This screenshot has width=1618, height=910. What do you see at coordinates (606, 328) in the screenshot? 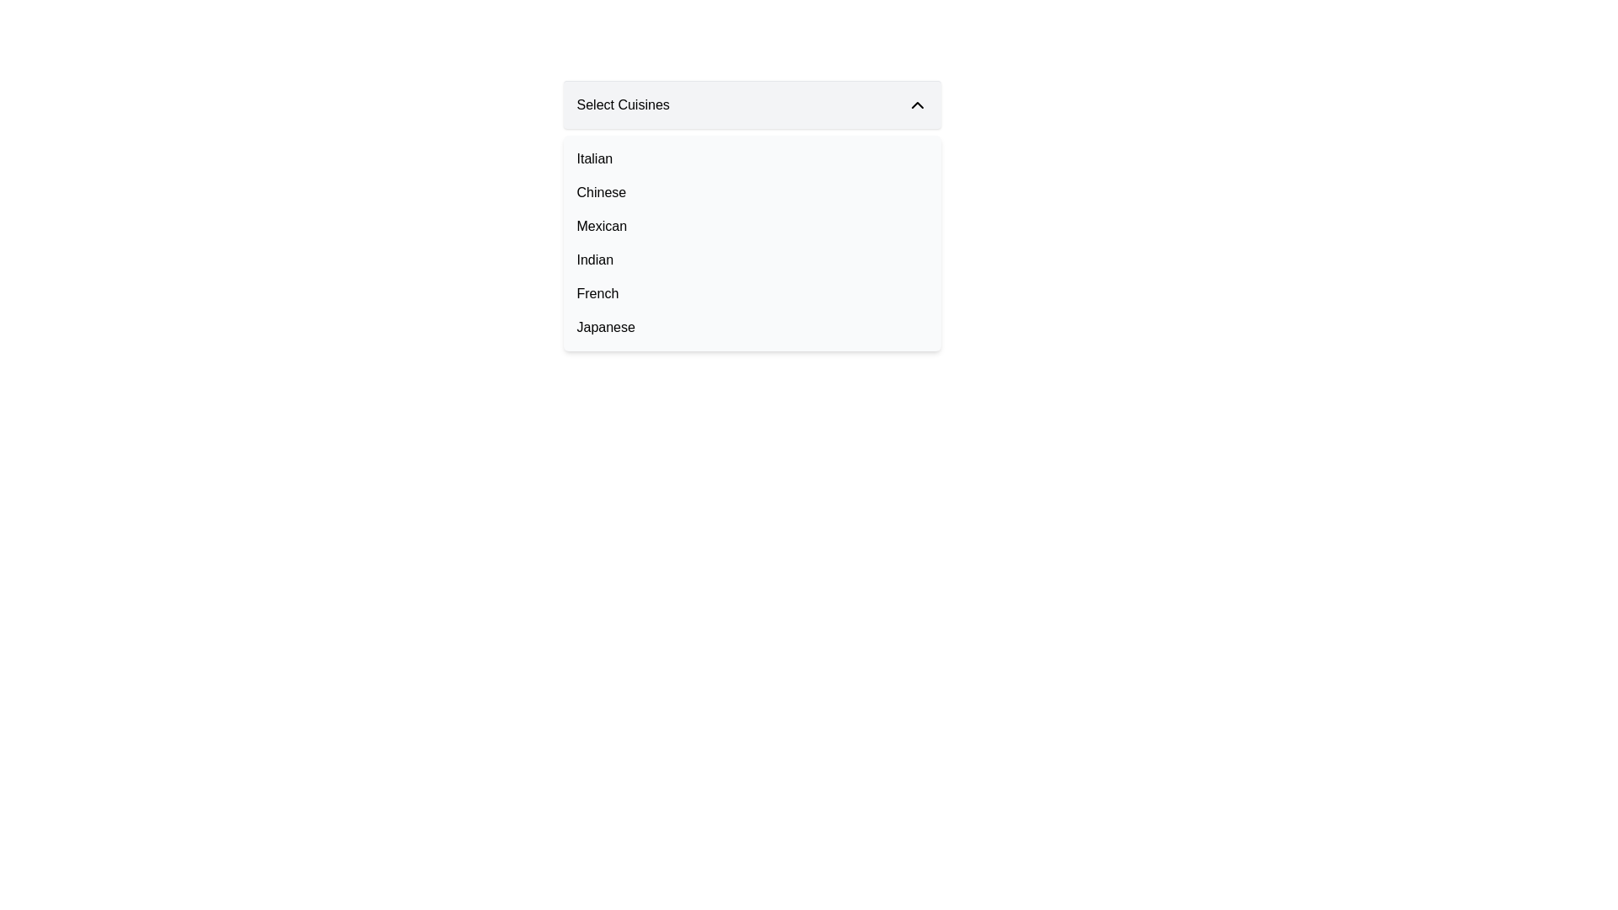
I see `the 'Japanese' cuisine text label, which is the sixth item in the dropdown menu under 'Select Cuisines.'` at bounding box center [606, 328].